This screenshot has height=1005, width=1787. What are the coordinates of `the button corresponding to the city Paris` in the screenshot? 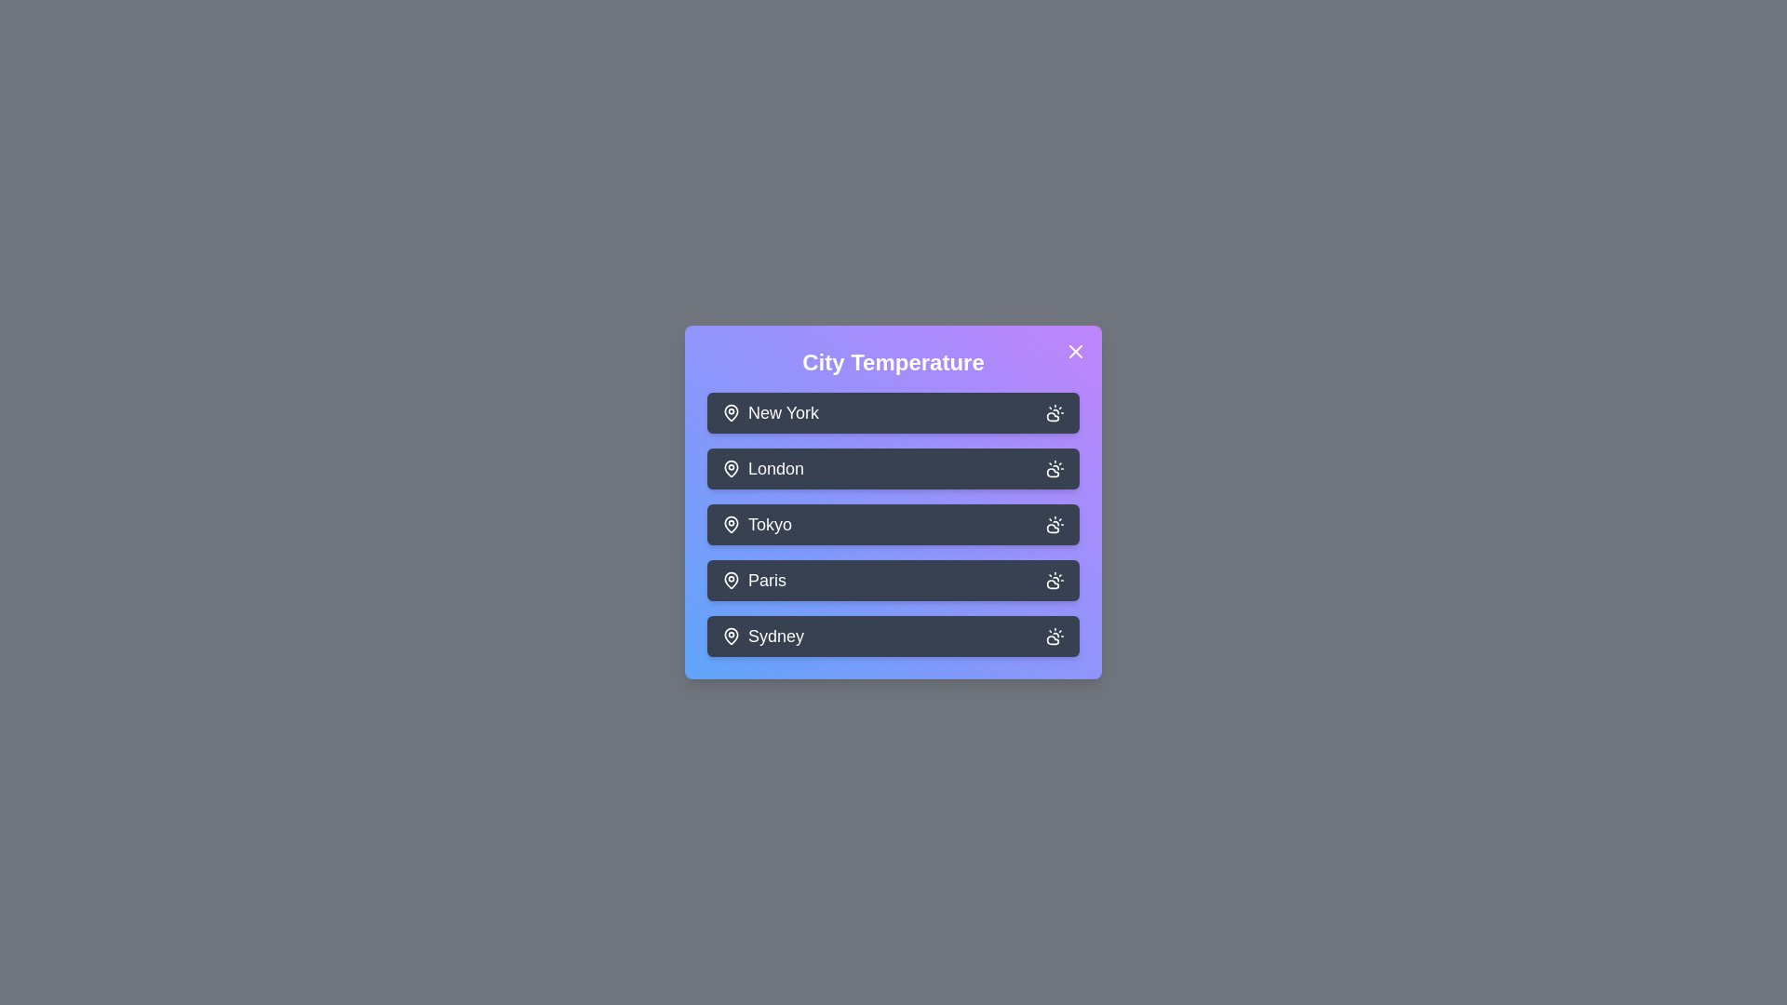 It's located at (893, 580).